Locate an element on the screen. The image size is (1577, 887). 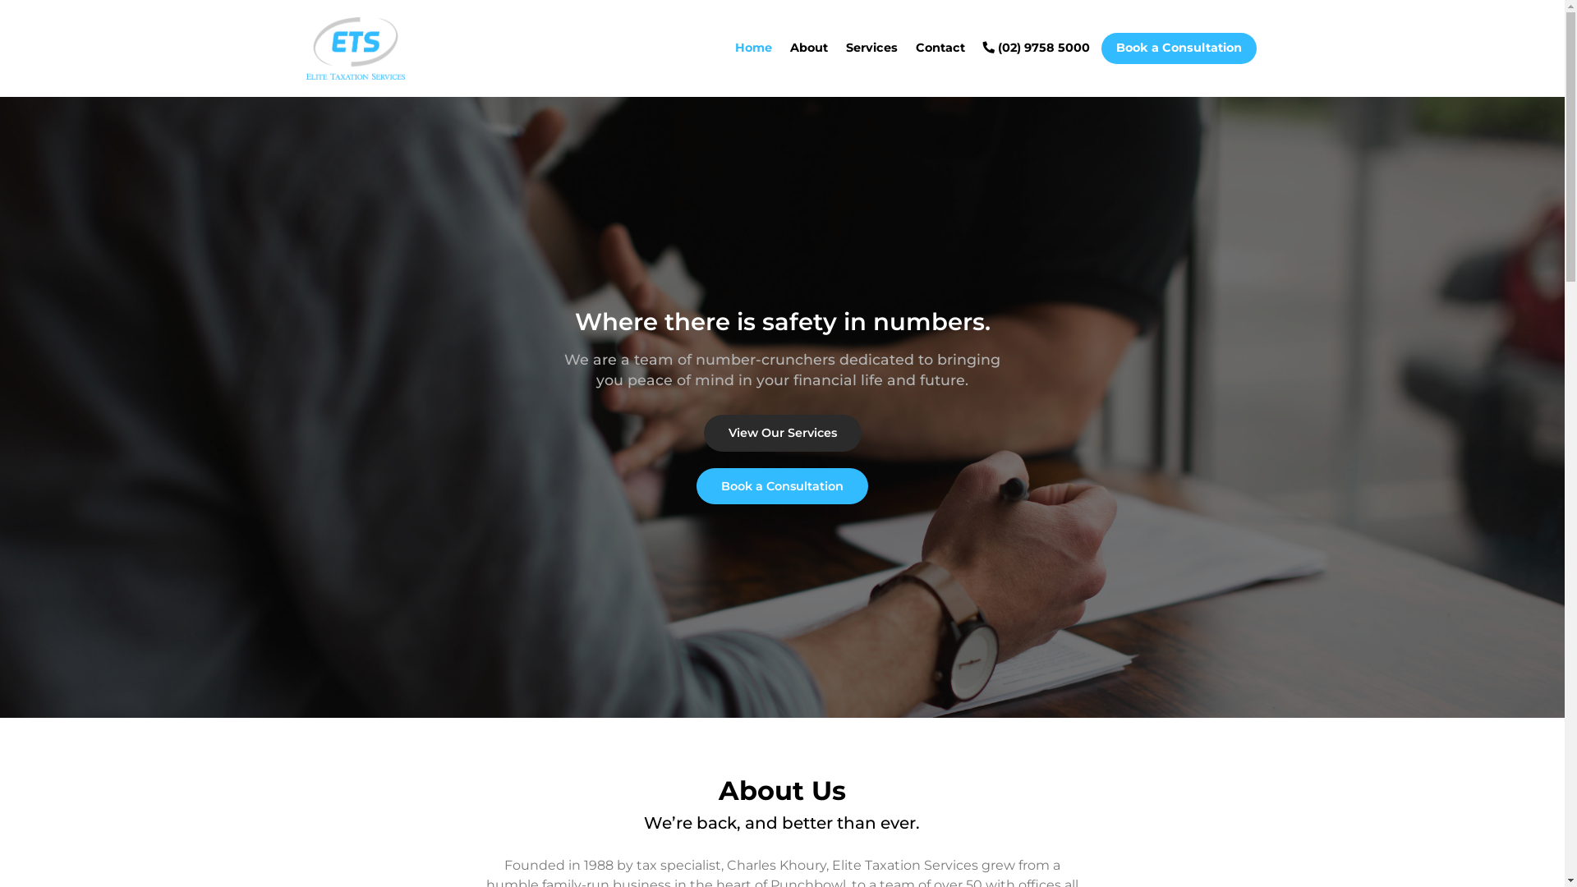
'View Our Services' is located at coordinates (702, 432).